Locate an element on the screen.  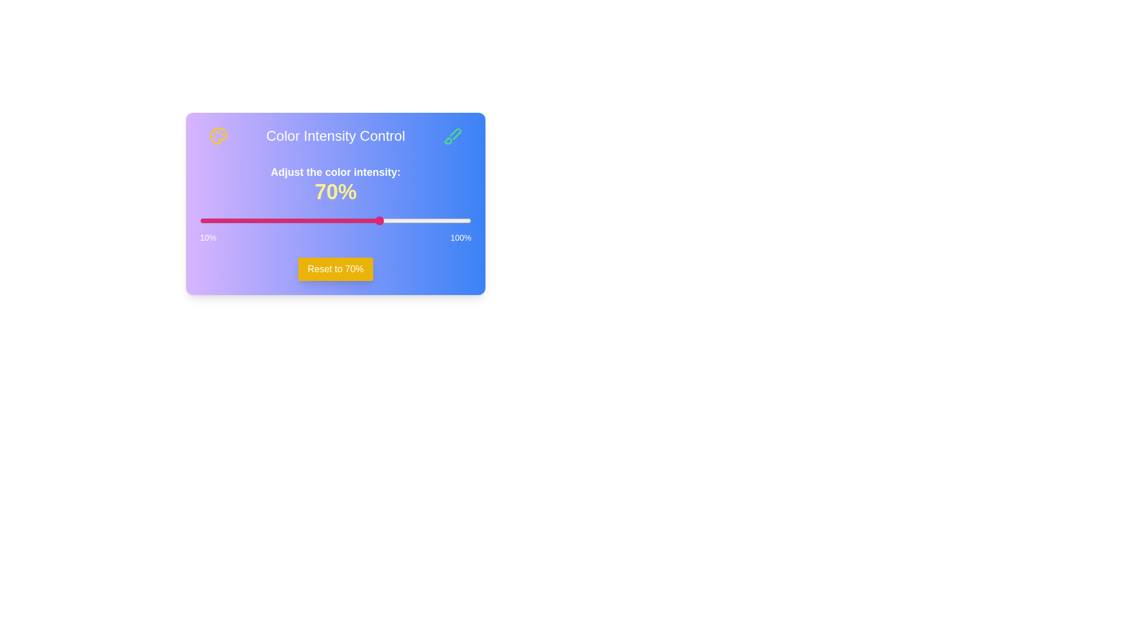
the slider to set the intensity to 83% is located at coordinates (420, 221).